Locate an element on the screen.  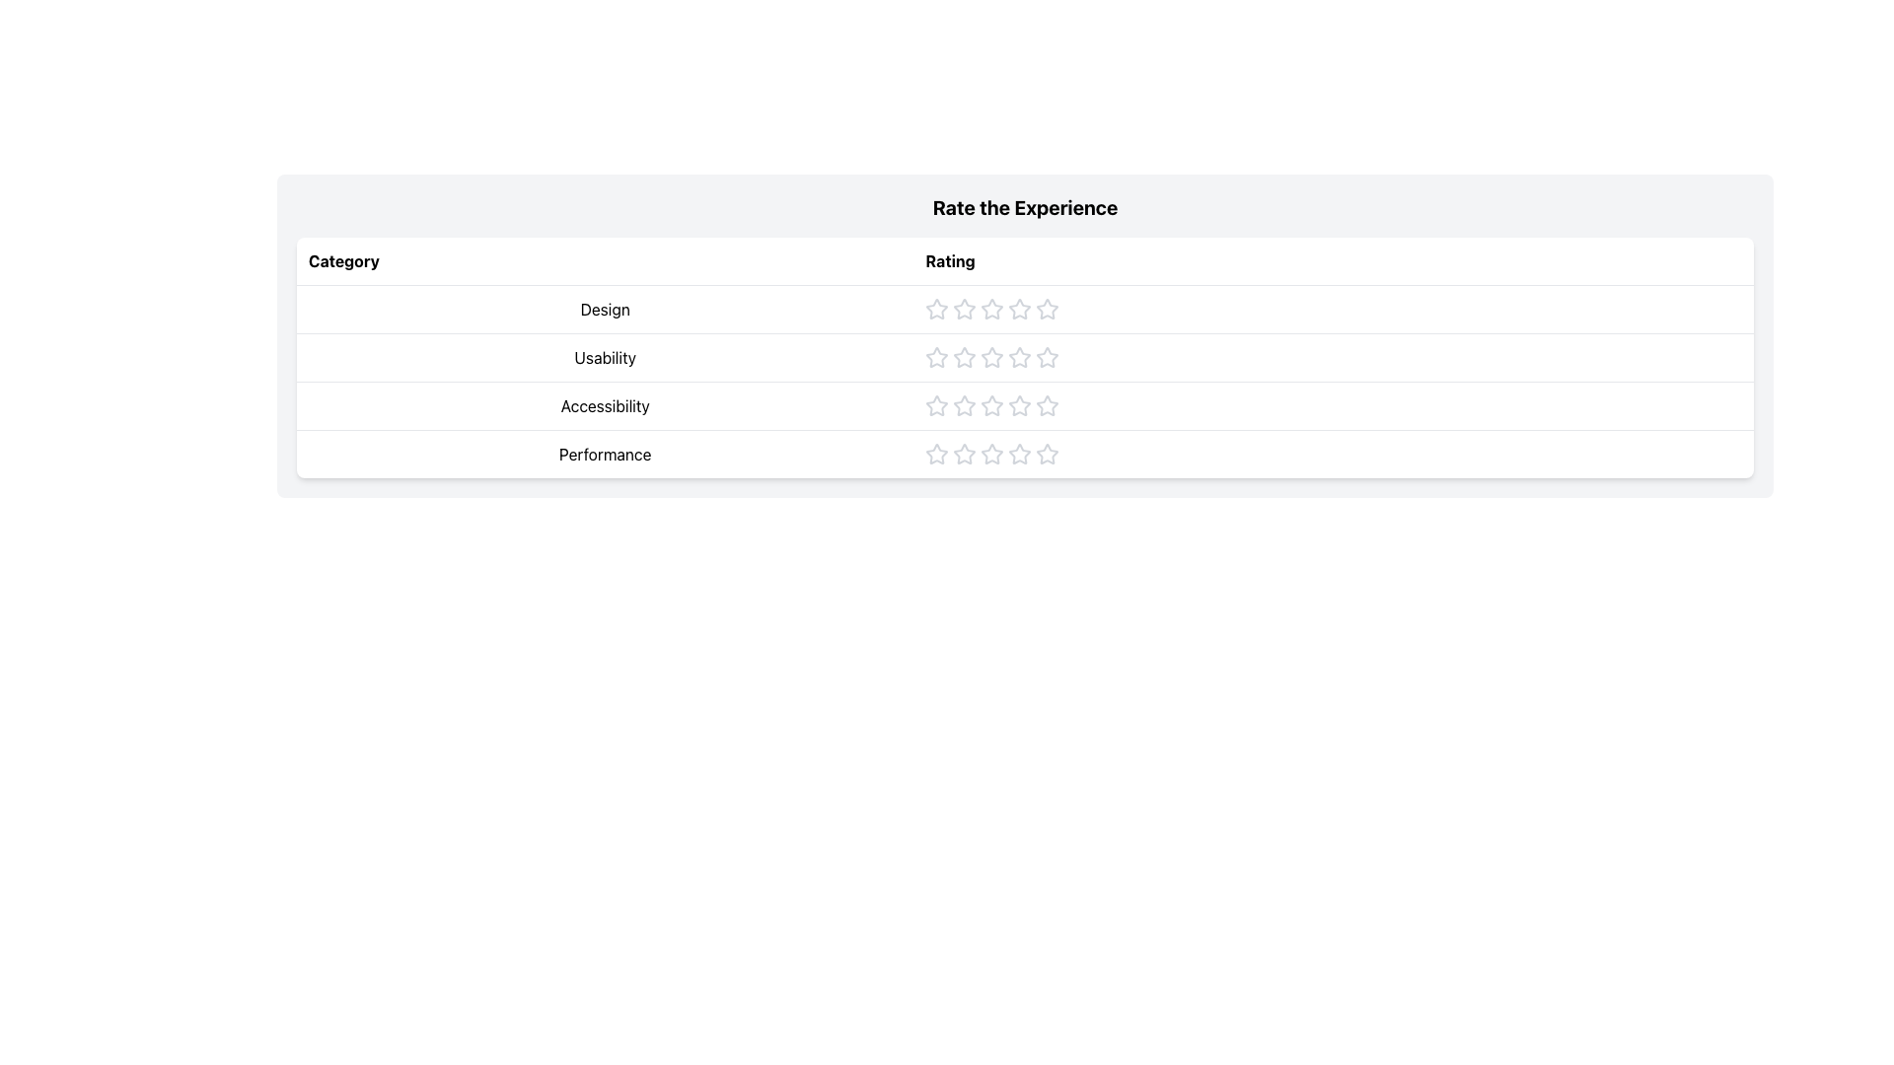
the fifth star-shaped Rating Star Icon with a gray outline and hollow interior in the horizontal row of rating icons for the 'Design' category is located at coordinates (1047, 309).